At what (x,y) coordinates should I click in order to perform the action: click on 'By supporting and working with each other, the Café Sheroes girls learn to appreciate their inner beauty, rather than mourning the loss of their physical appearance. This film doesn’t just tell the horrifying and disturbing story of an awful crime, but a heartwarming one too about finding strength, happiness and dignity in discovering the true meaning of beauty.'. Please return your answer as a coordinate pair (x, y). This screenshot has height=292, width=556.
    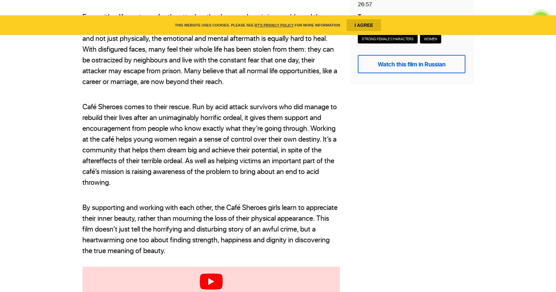
    Looking at the image, I should click on (82, 229).